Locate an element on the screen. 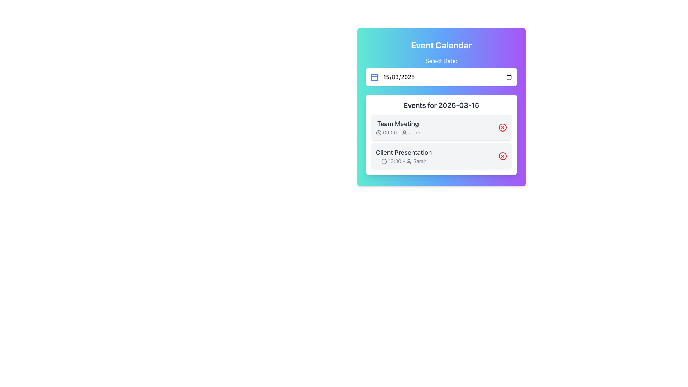 This screenshot has height=387, width=688. the Date input field located in the top section of the card UI labeled 'Select Date:' to trigger styling changes is located at coordinates (447, 77).